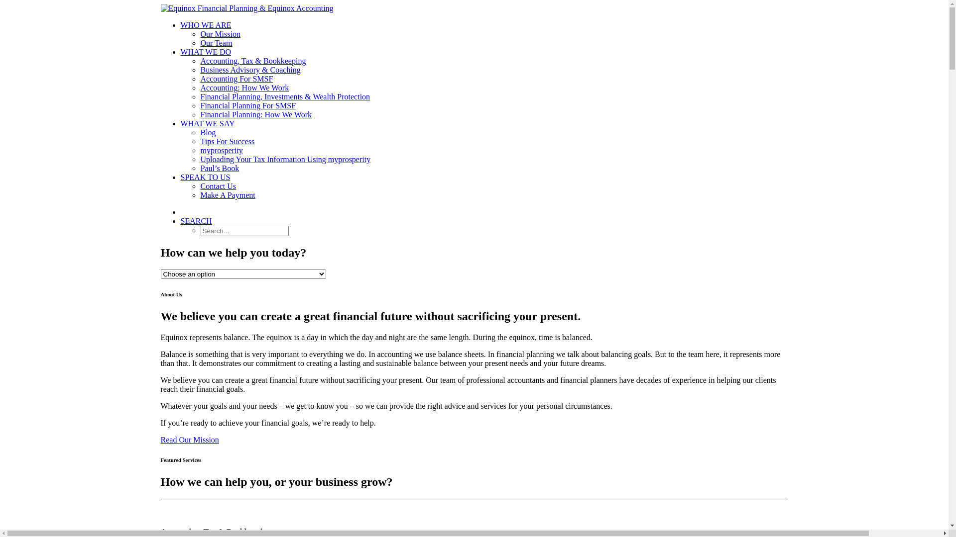 The width and height of the screenshot is (956, 537). Describe the element at coordinates (205, 177) in the screenshot. I see `'SPEAK TO US'` at that location.